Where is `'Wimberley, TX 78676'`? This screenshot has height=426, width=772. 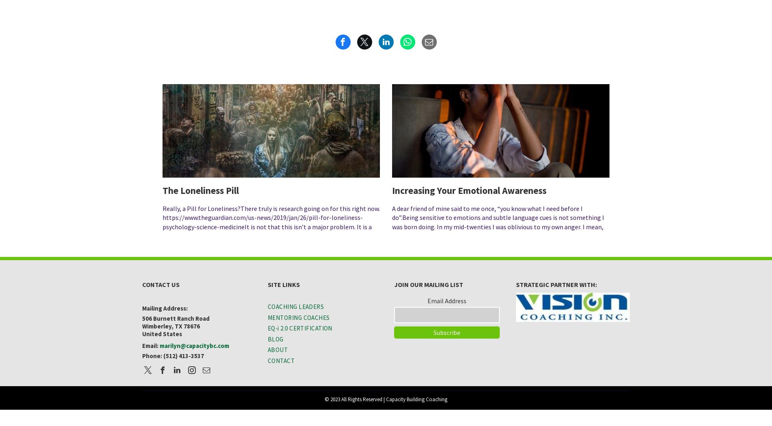
'Wimberley, TX 78676' is located at coordinates (171, 326).